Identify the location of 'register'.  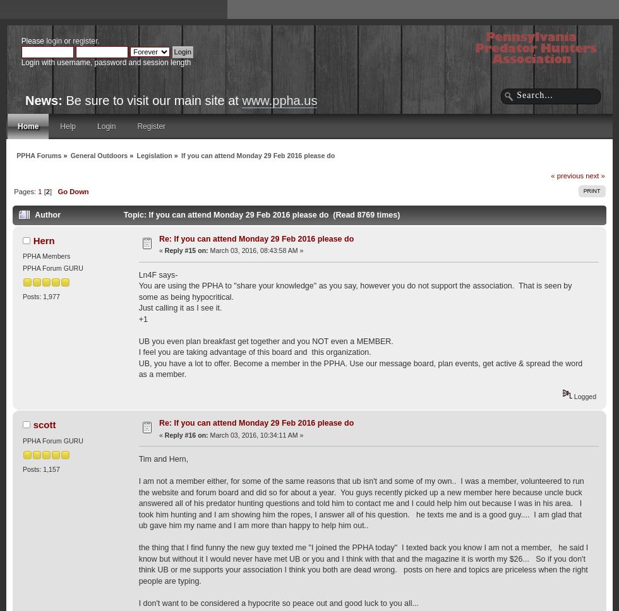
(85, 40).